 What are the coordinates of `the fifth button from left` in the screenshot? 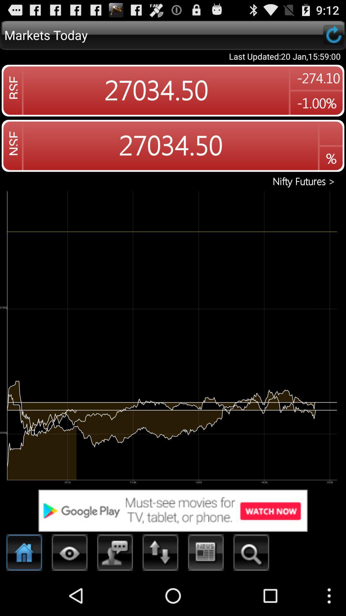 It's located at (206, 554).